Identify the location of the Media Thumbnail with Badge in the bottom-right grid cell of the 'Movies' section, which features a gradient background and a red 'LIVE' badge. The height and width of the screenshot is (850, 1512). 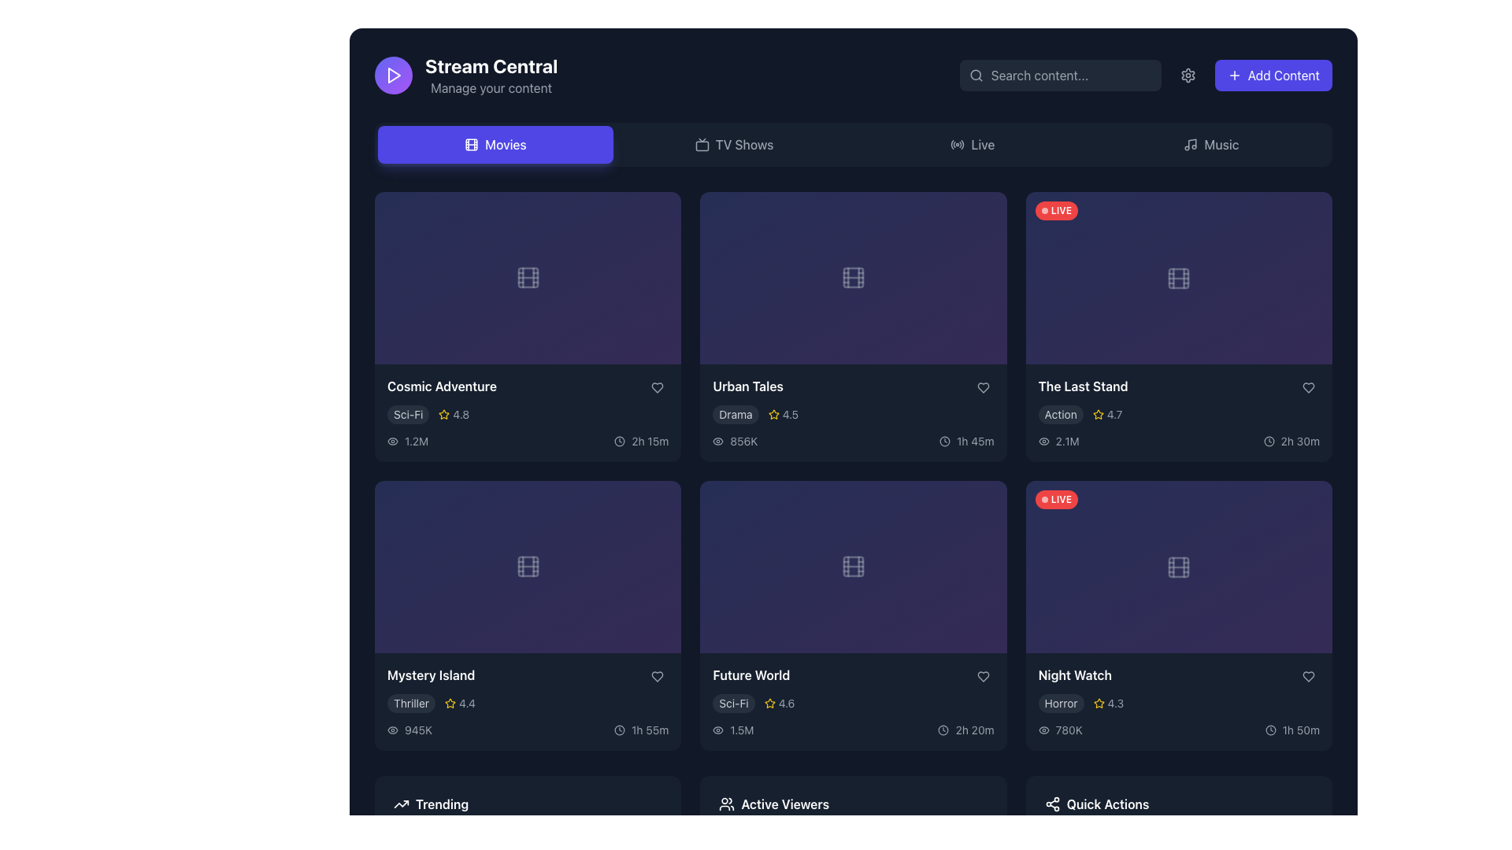
(1179, 567).